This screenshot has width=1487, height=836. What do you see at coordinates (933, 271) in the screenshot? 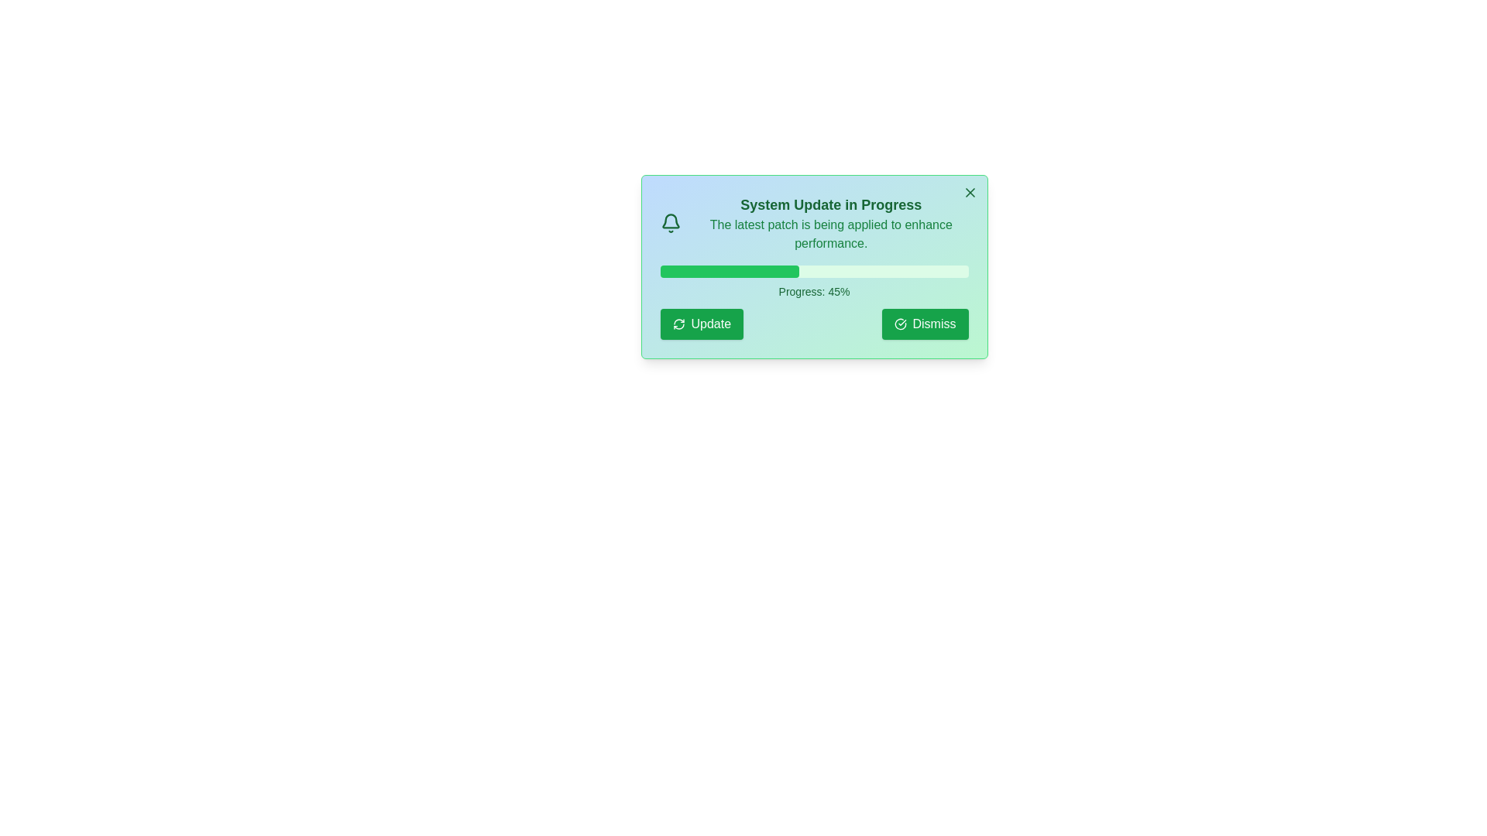
I see `the progress bar to 89% by adjusting its width` at bounding box center [933, 271].